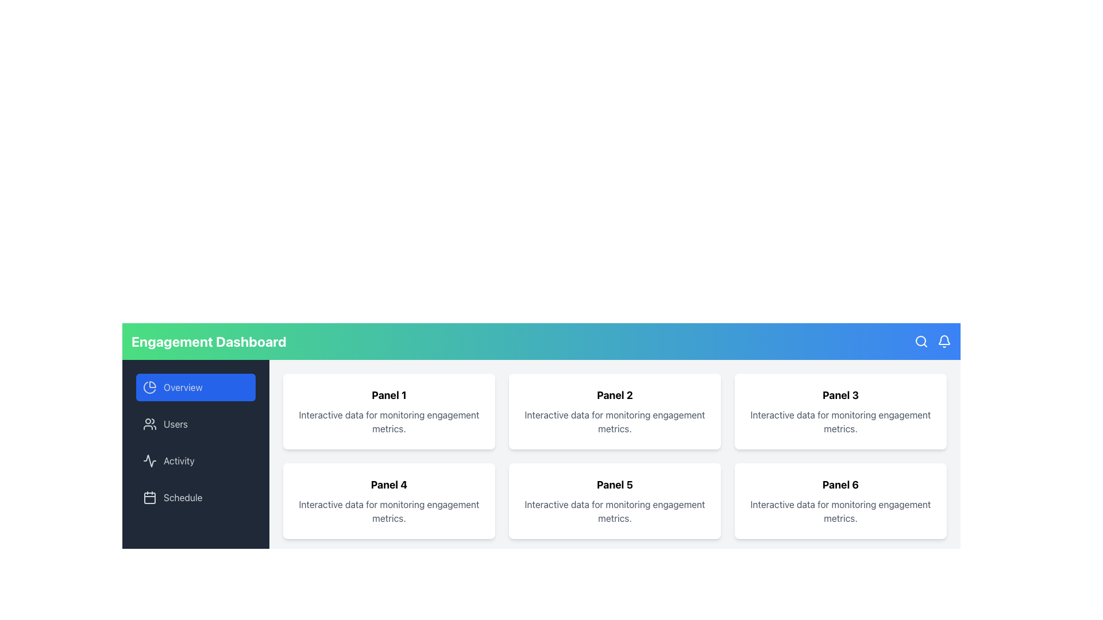 The width and height of the screenshot is (1103, 620). I want to click on text content of the bold, large font label 'Panel 5' located at the top-center of the fifth card in a grid of six cards, so click(614, 485).